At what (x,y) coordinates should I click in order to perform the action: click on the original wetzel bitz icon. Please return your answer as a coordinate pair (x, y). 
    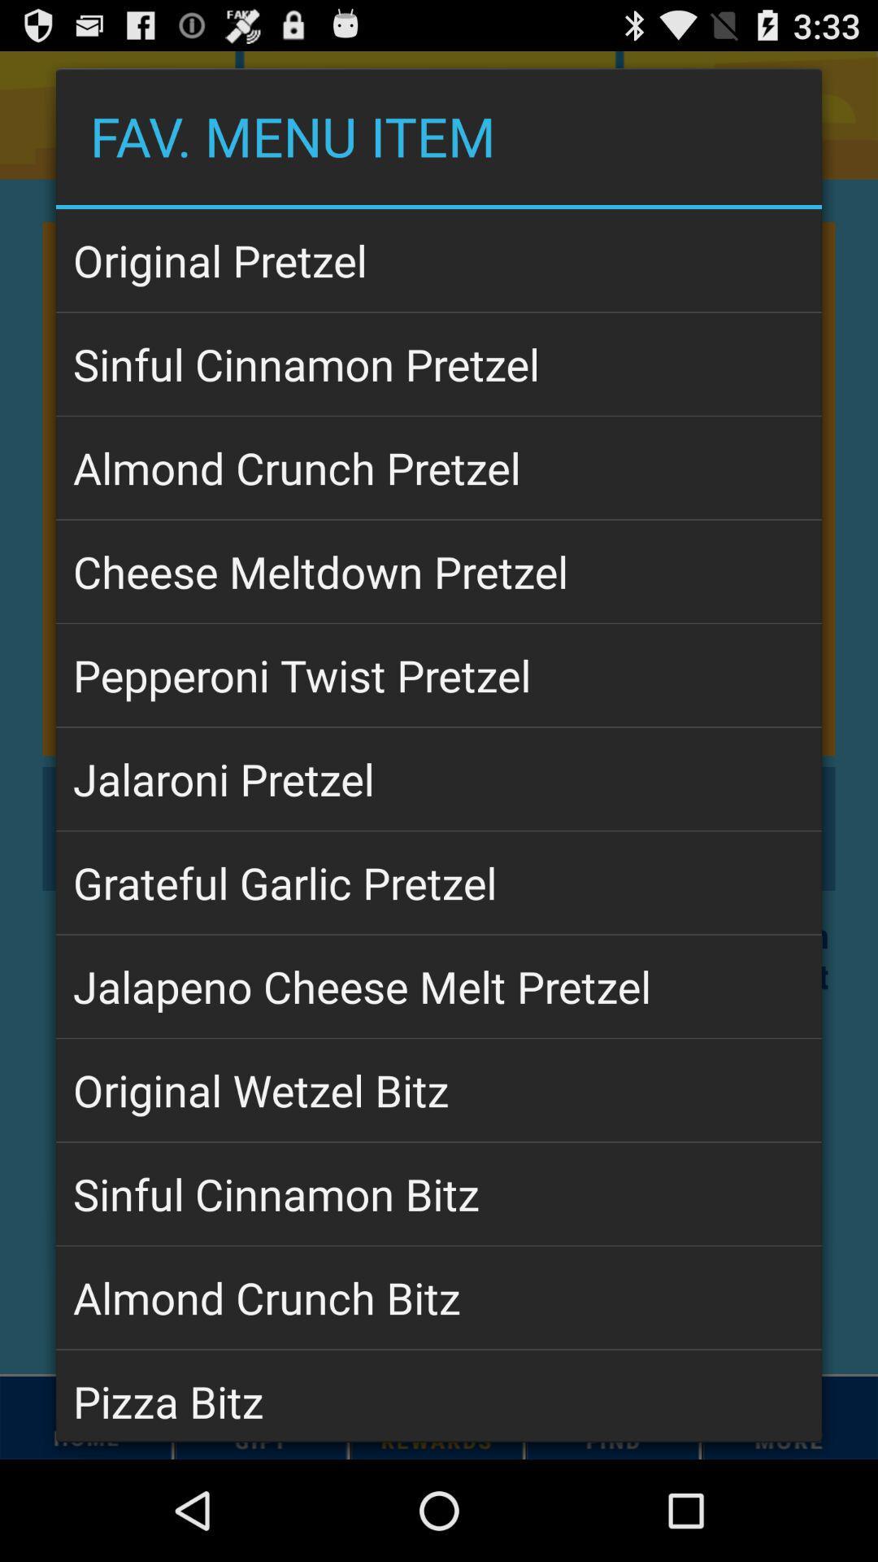
    Looking at the image, I should click on (439, 1090).